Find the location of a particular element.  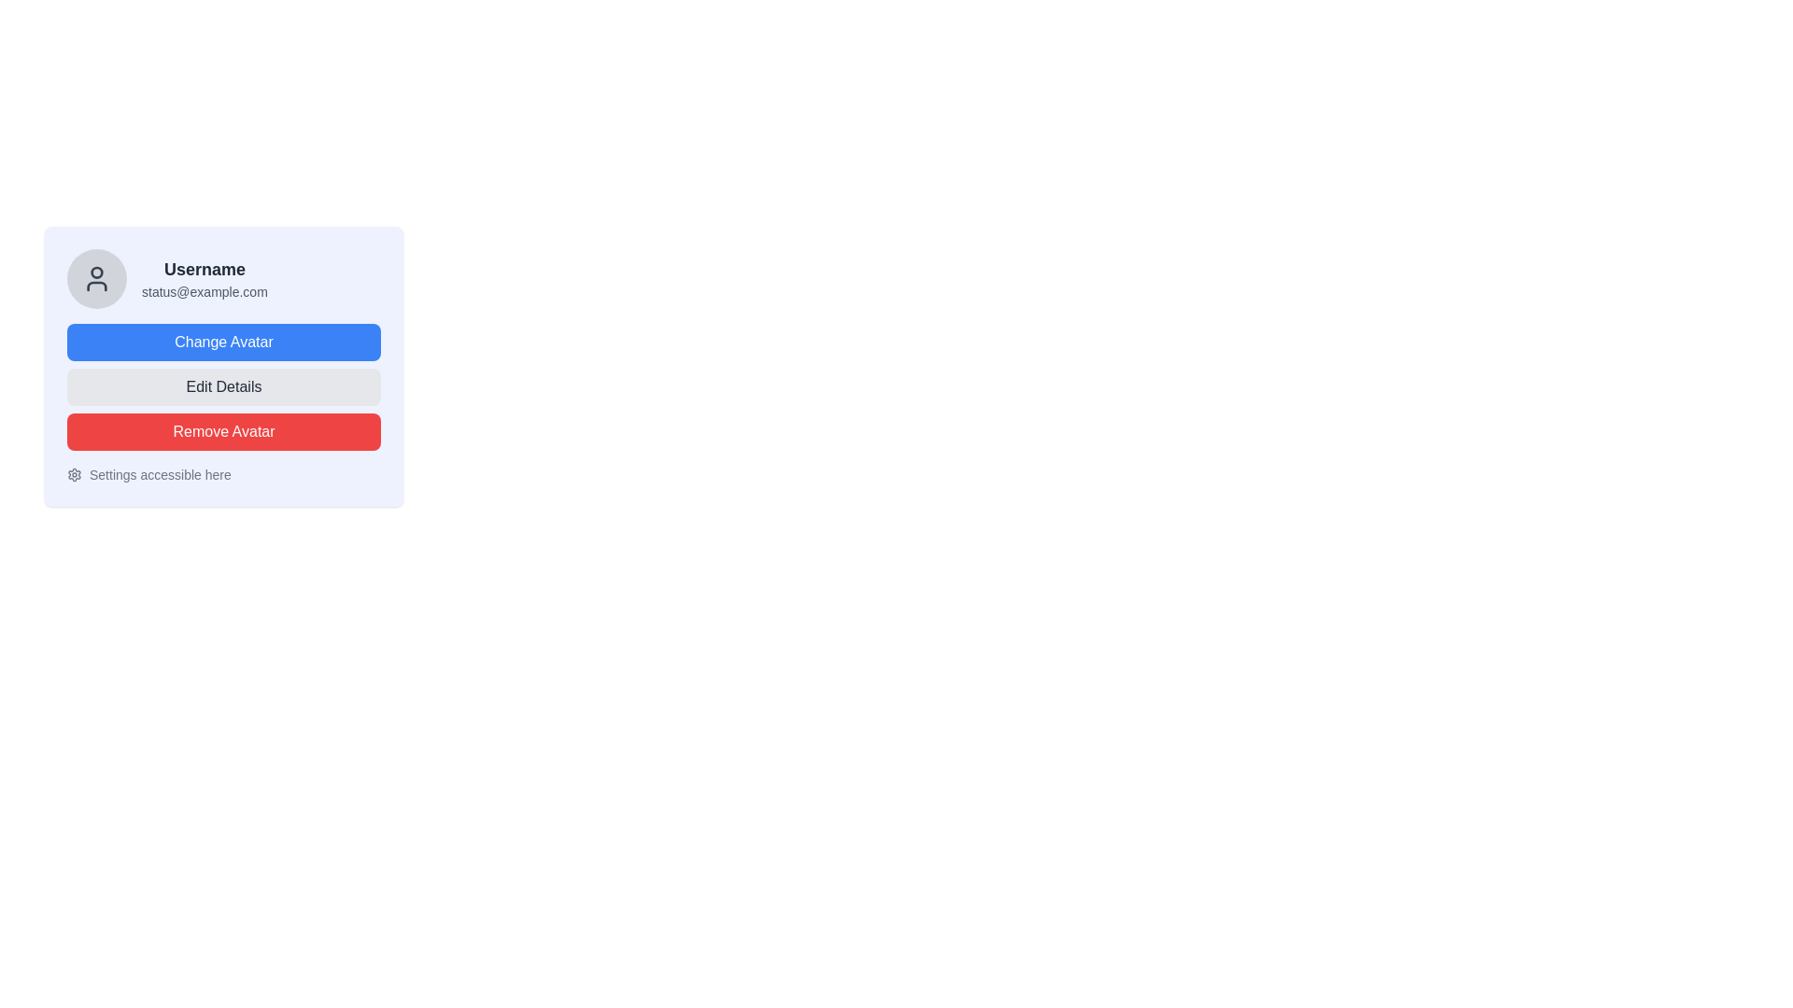

the user profile icon located in the upper-left section of the card interface, which serves as a visual cue for the profile information section is located at coordinates (96, 279).